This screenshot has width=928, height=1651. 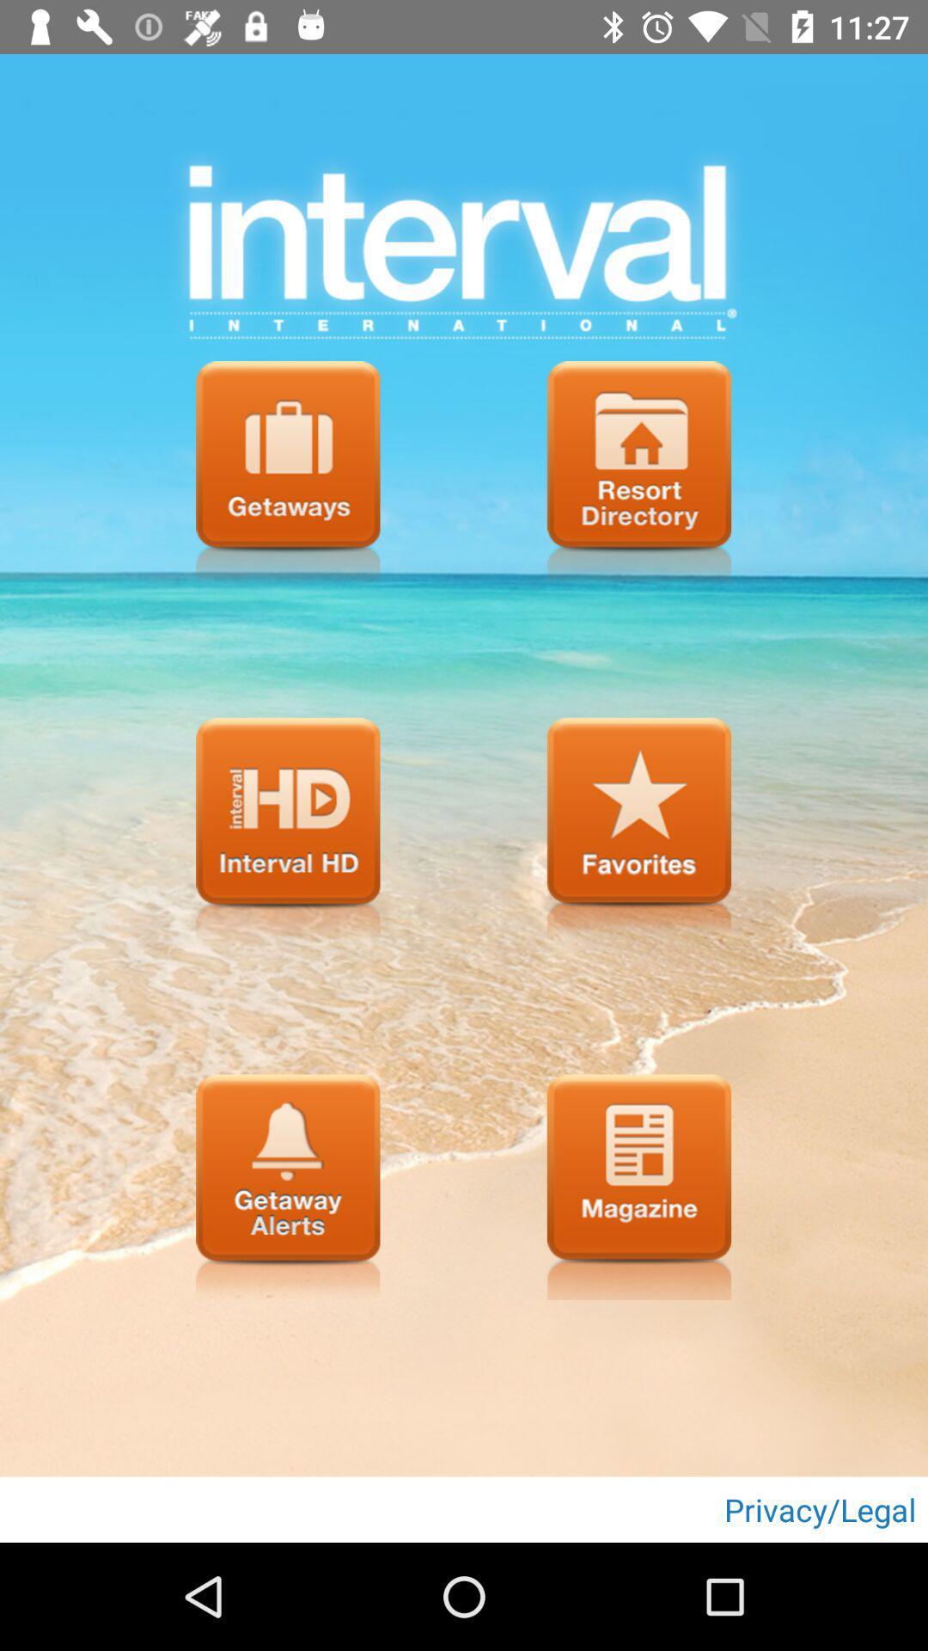 I want to click on display getaway alerts, so click(x=287, y=1186).